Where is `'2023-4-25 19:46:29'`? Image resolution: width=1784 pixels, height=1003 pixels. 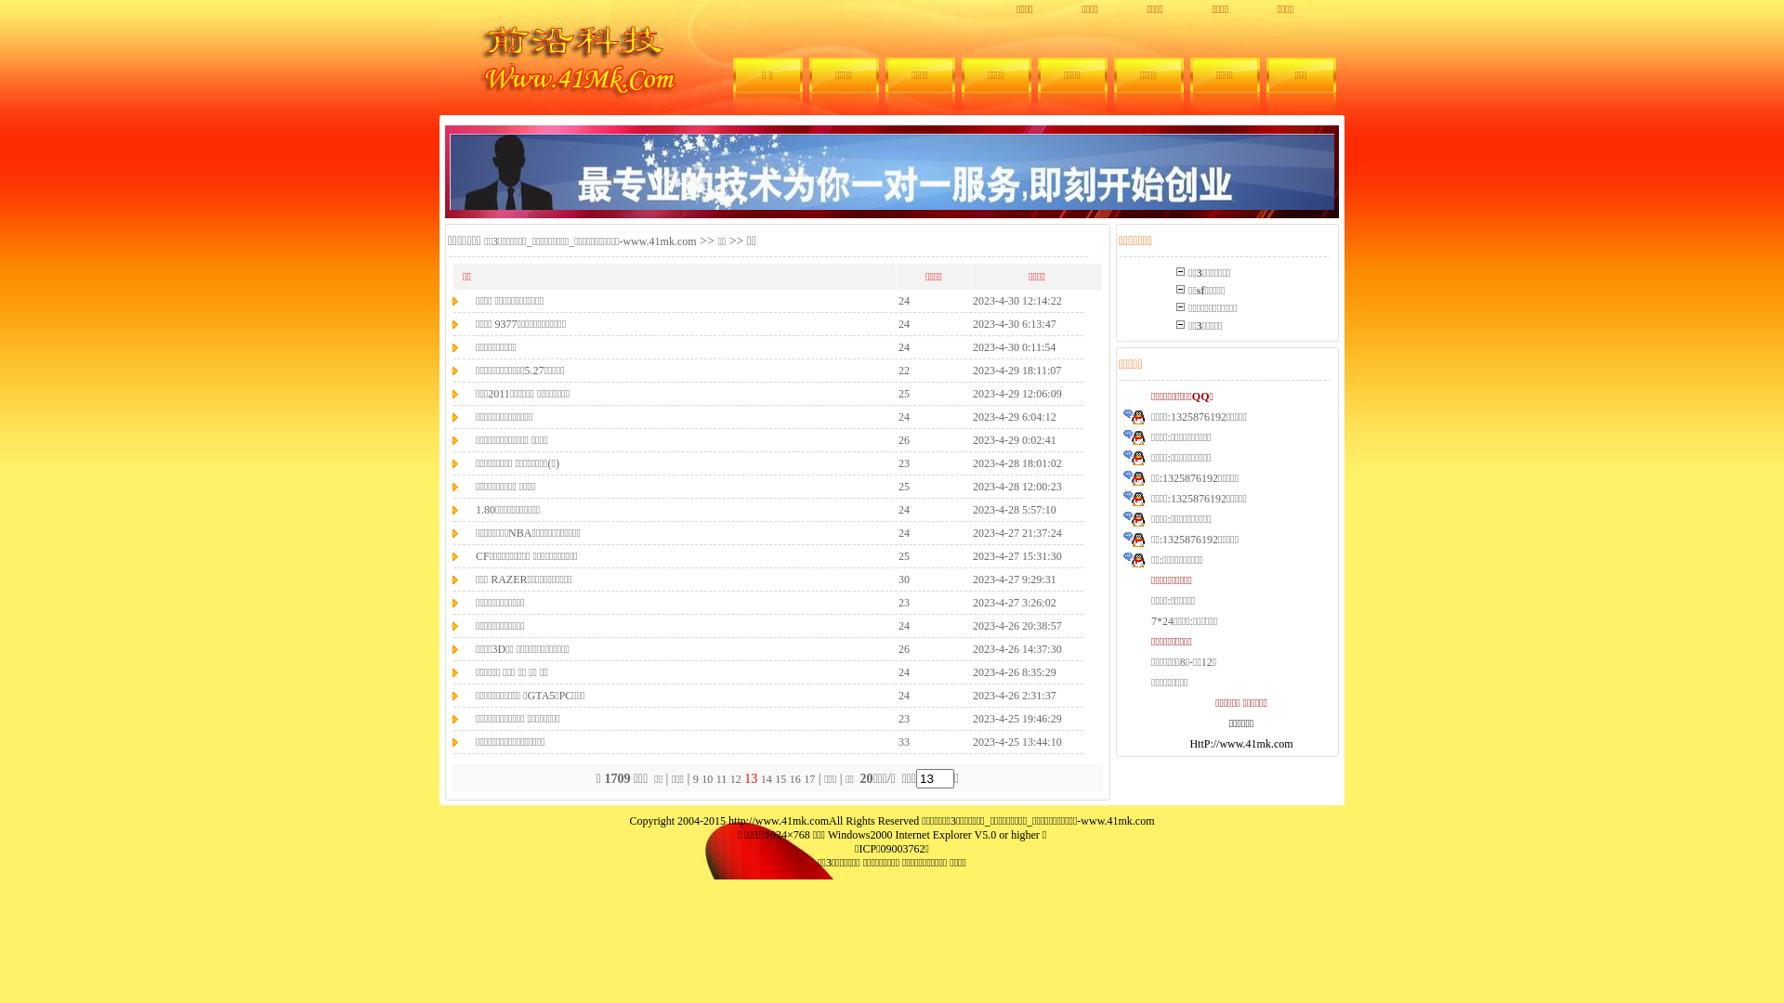
'2023-4-25 19:46:29' is located at coordinates (1016, 716).